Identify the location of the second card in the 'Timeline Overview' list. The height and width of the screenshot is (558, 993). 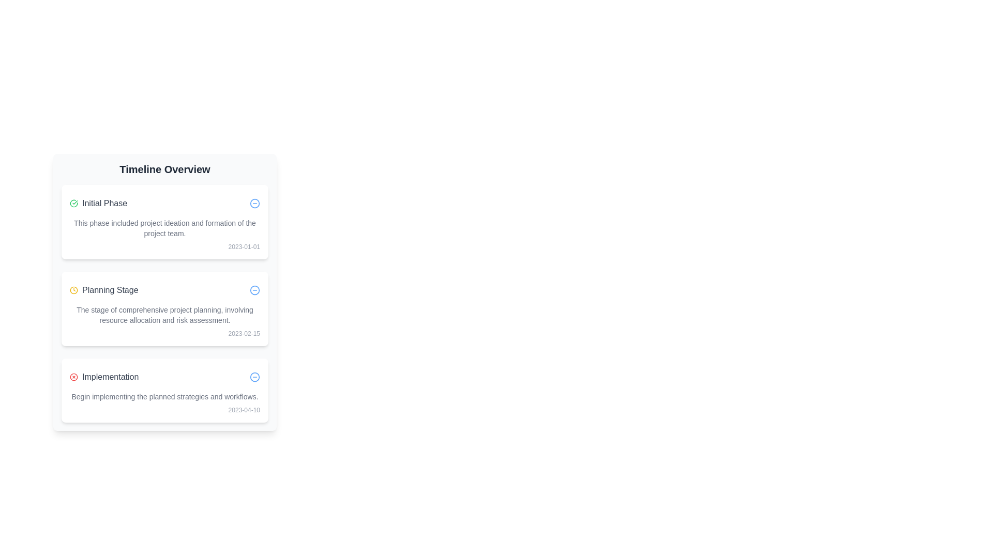
(164, 303).